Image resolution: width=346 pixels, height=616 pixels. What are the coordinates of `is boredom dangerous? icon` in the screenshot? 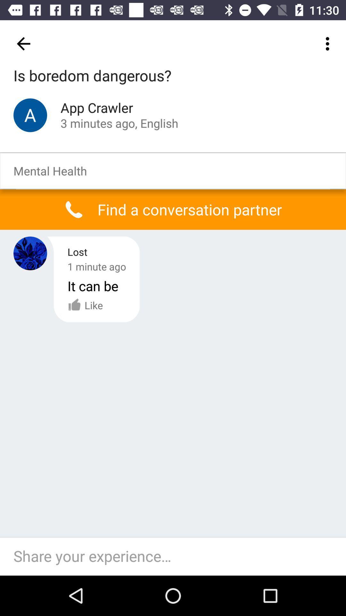 It's located at (92, 76).